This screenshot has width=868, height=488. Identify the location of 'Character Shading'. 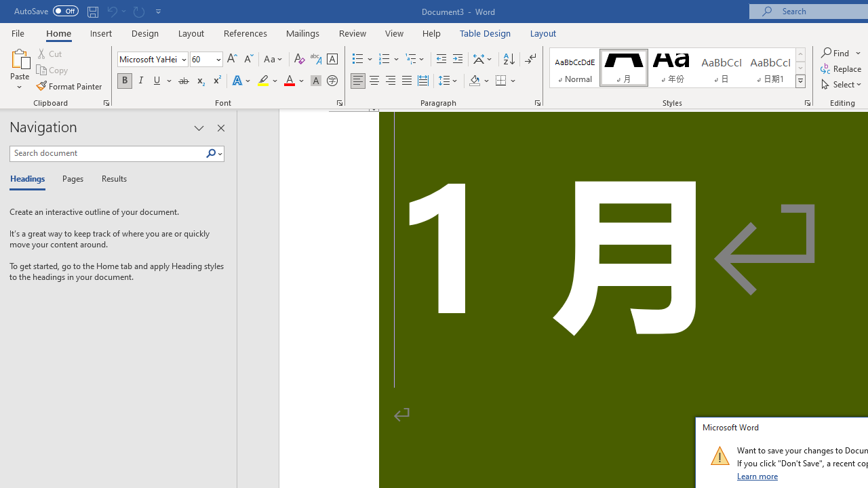
(315, 81).